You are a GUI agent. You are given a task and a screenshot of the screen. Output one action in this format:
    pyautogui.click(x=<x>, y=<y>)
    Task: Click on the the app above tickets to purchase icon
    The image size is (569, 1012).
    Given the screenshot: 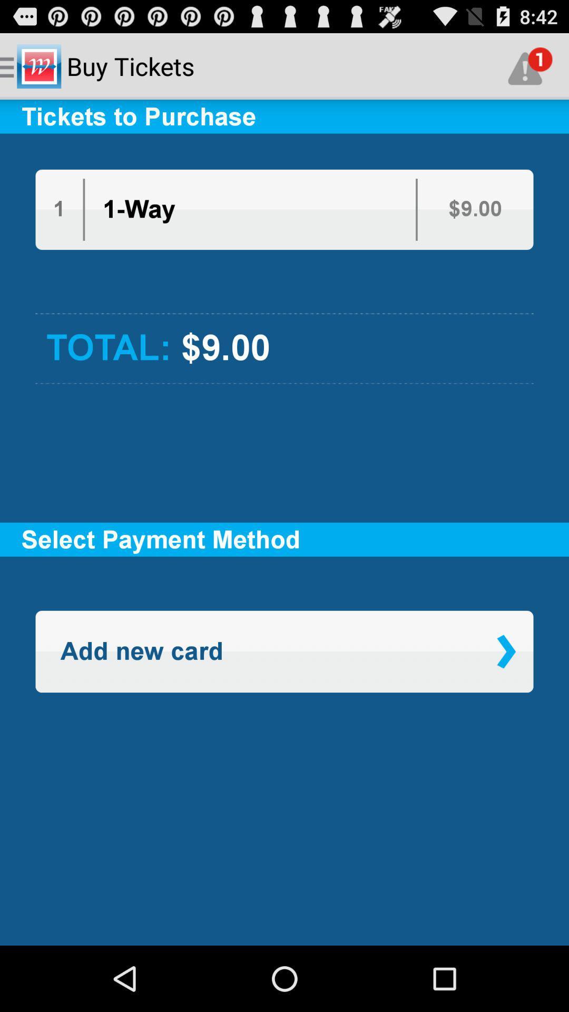 What is the action you would take?
    pyautogui.click(x=530, y=65)
    